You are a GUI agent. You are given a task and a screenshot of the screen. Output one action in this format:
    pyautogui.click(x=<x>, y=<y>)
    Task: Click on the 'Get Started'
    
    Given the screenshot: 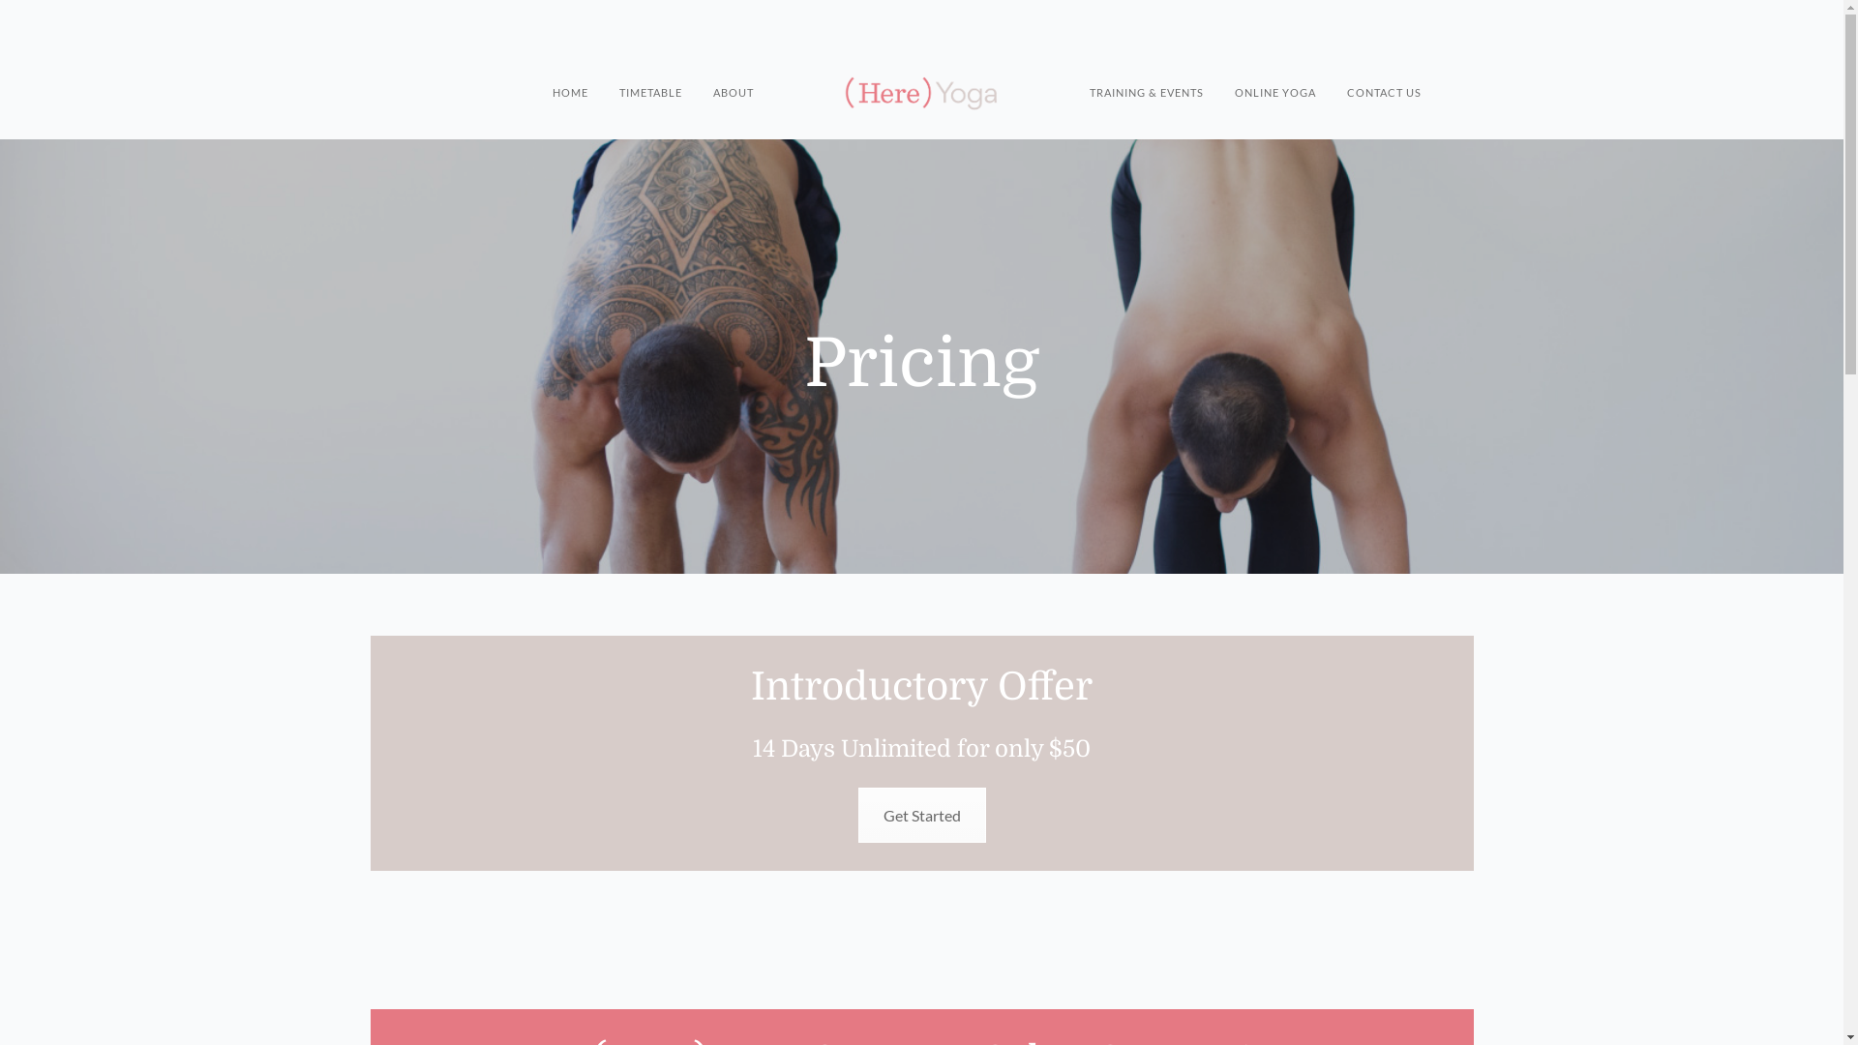 What is the action you would take?
    pyautogui.click(x=919, y=815)
    